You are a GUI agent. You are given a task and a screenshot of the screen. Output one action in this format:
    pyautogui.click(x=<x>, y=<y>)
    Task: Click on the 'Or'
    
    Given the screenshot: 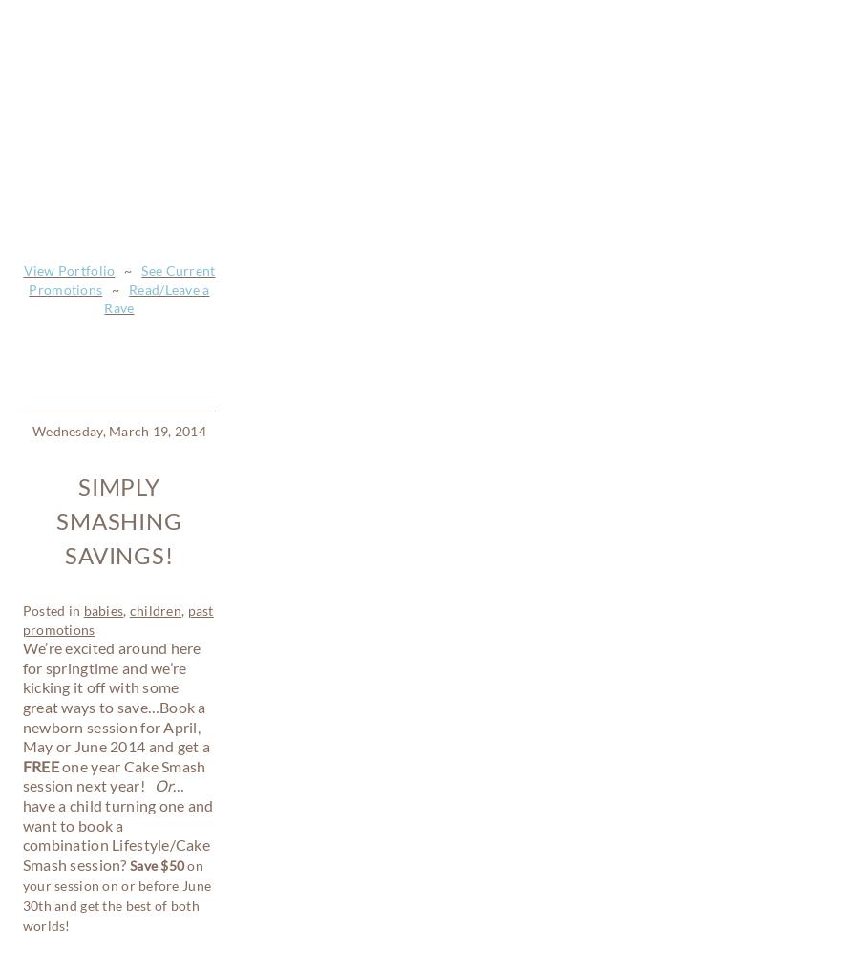 What is the action you would take?
    pyautogui.click(x=162, y=211)
    